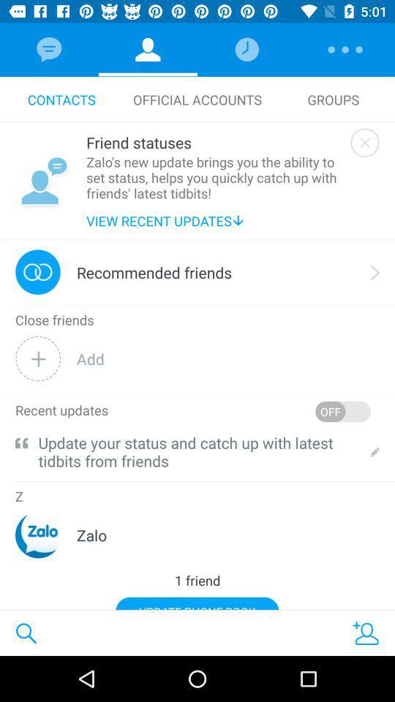 This screenshot has height=702, width=395. Describe the element at coordinates (364, 143) in the screenshot. I see `prompt` at that location.